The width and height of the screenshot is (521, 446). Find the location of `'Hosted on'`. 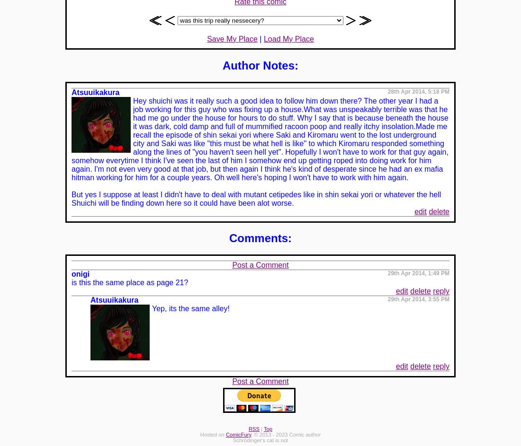

'Hosted on' is located at coordinates (212, 434).